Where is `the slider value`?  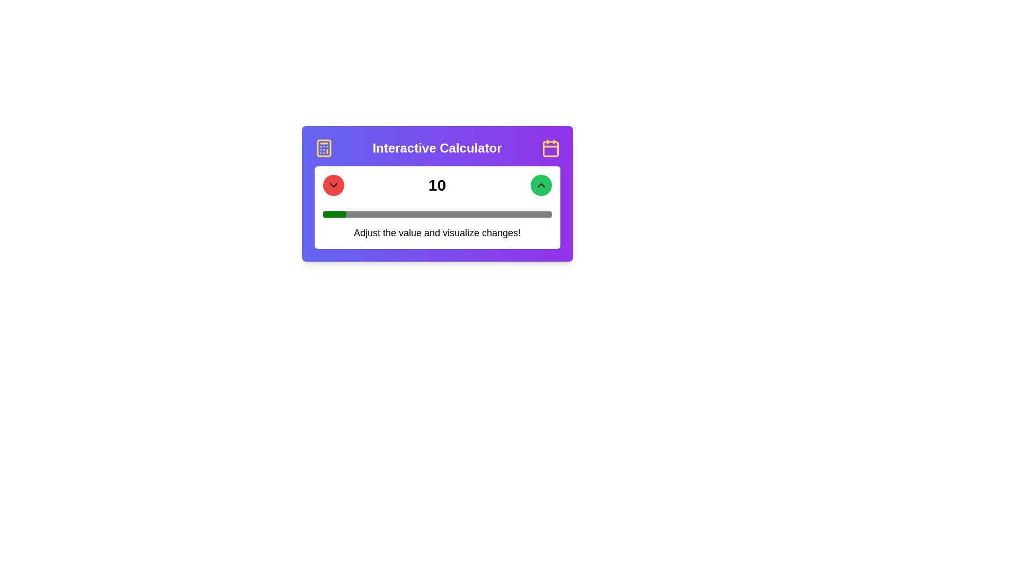 the slider value is located at coordinates (354, 215).